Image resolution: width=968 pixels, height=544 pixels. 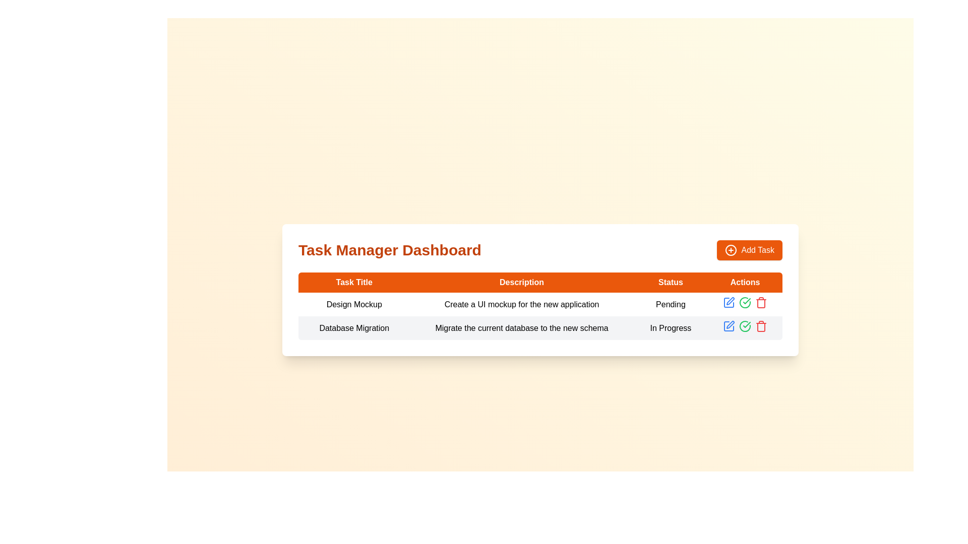 What do you see at coordinates (761, 302) in the screenshot?
I see `the red trash can icon for the delete function located in the 'Actions' column of the 'Database Migration' task` at bounding box center [761, 302].